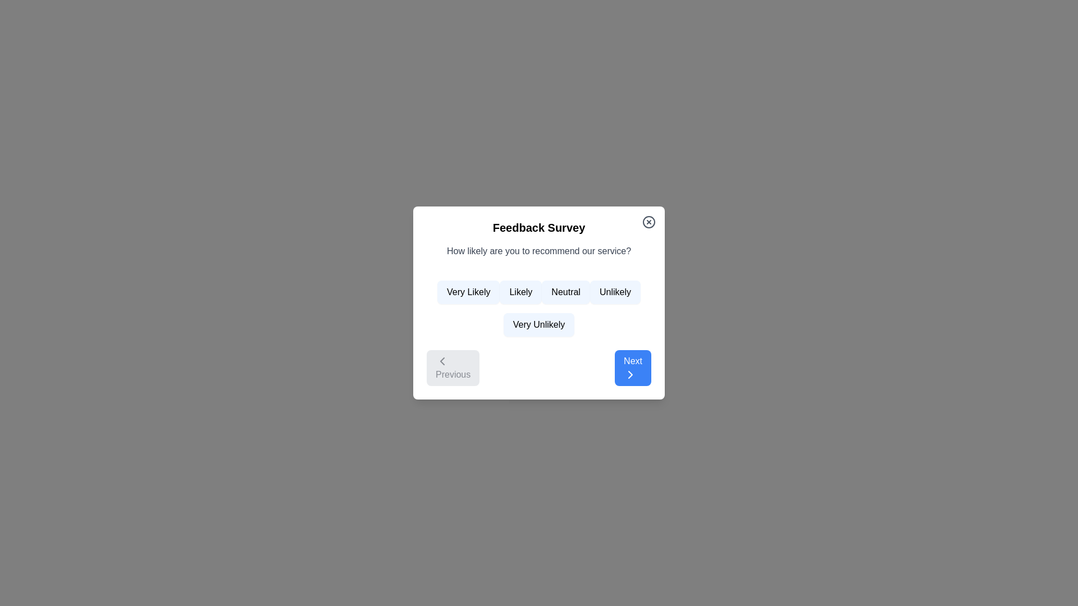 The width and height of the screenshot is (1078, 606). What do you see at coordinates (539, 304) in the screenshot?
I see `the group of buttons for selecting an option regarding the likelihood of recommending the service, located under the question 'How likely are you to recommend our service?'` at bounding box center [539, 304].